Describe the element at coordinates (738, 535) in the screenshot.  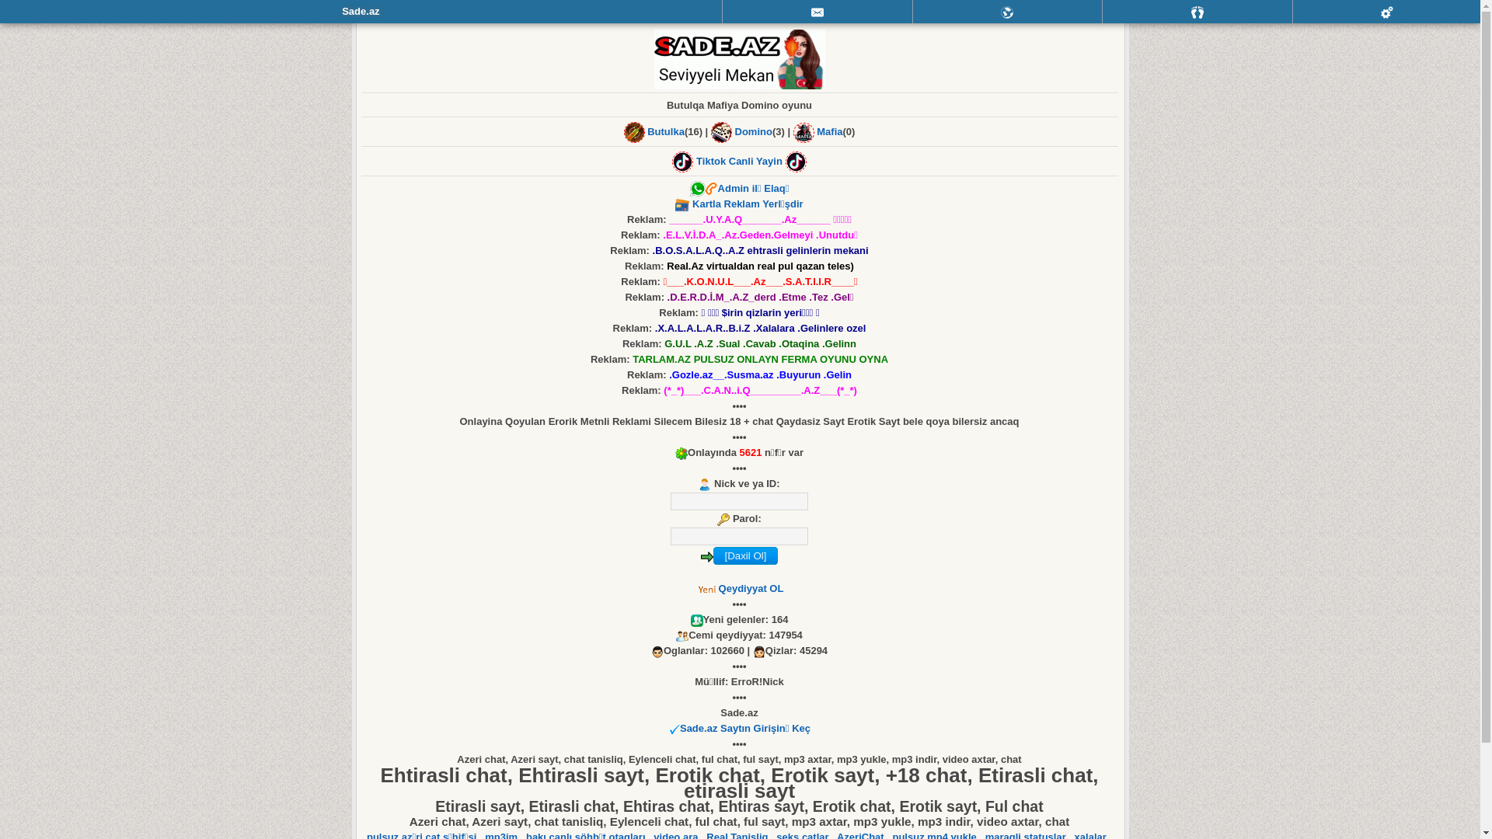
I see `'Parol'` at that location.